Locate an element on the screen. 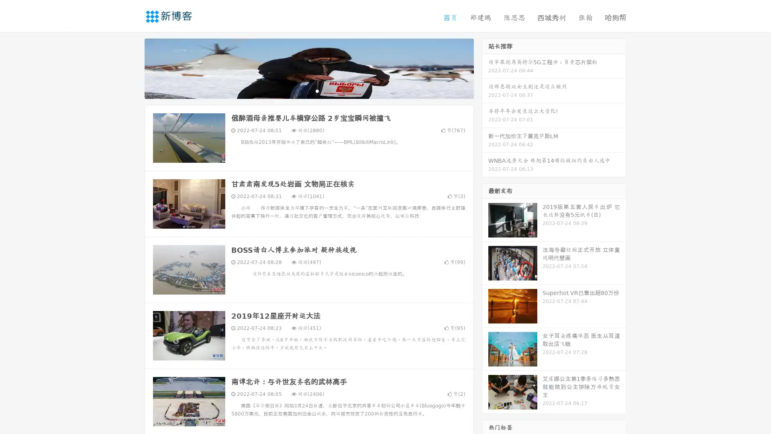 The width and height of the screenshot is (771, 434). Next slide is located at coordinates (485, 68).